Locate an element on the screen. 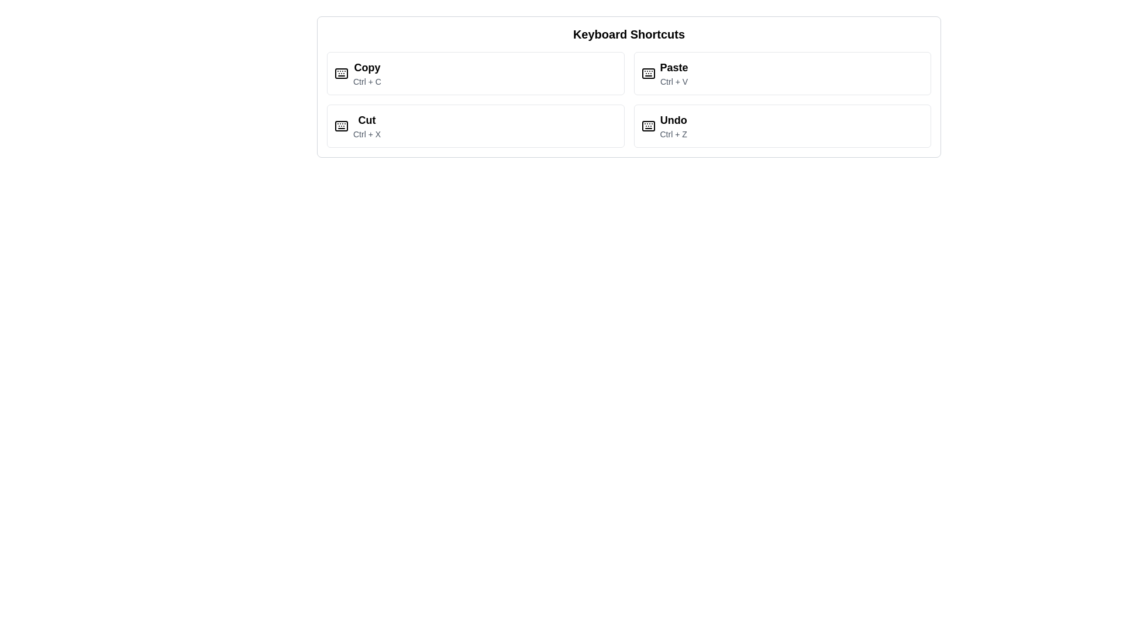 This screenshot has width=1123, height=631. the static text label that indicates the 'Undo' command associated with the keyboard shortcut 'Ctrl + Z', located in the bottom right of a 2x2 grid of keyboard shortcuts is located at coordinates (673, 120).